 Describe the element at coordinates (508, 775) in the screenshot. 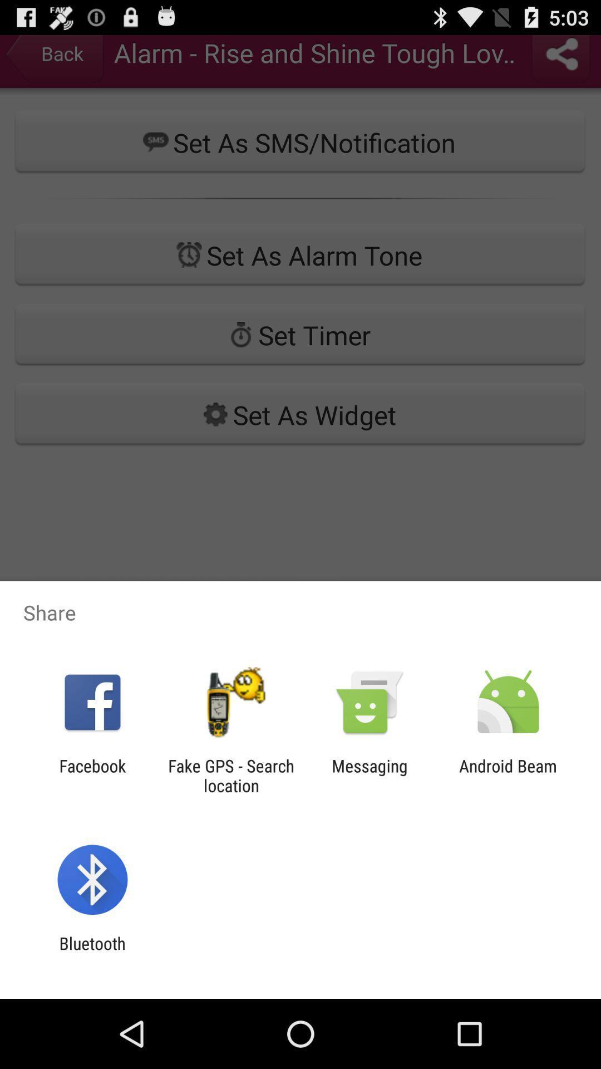

I see `icon to the right of messaging` at that location.